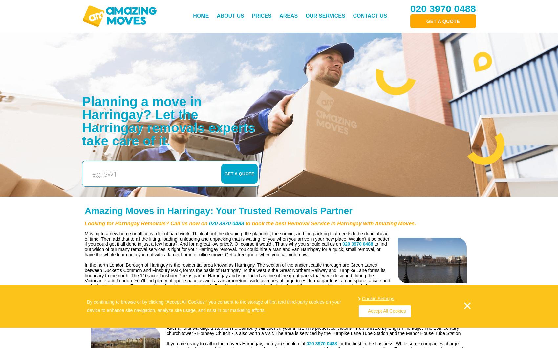  Describe the element at coordinates (218, 211) in the screenshot. I see `'Amazing Moves in Harringay: Your Trusted Removals Partner'` at that location.